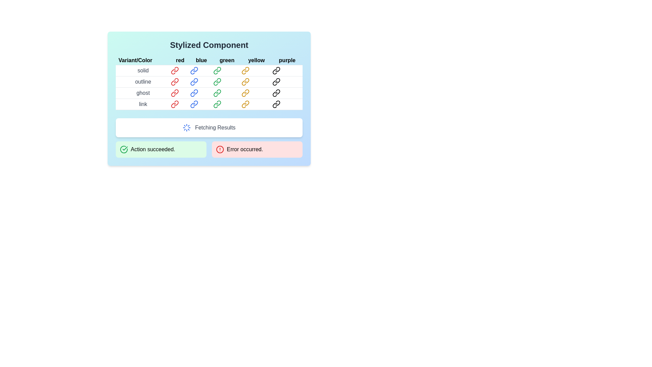  What do you see at coordinates (217, 104) in the screenshot?
I see `the green-themed hyperlink icon located in the fourth row and third column of the table to follow the link` at bounding box center [217, 104].